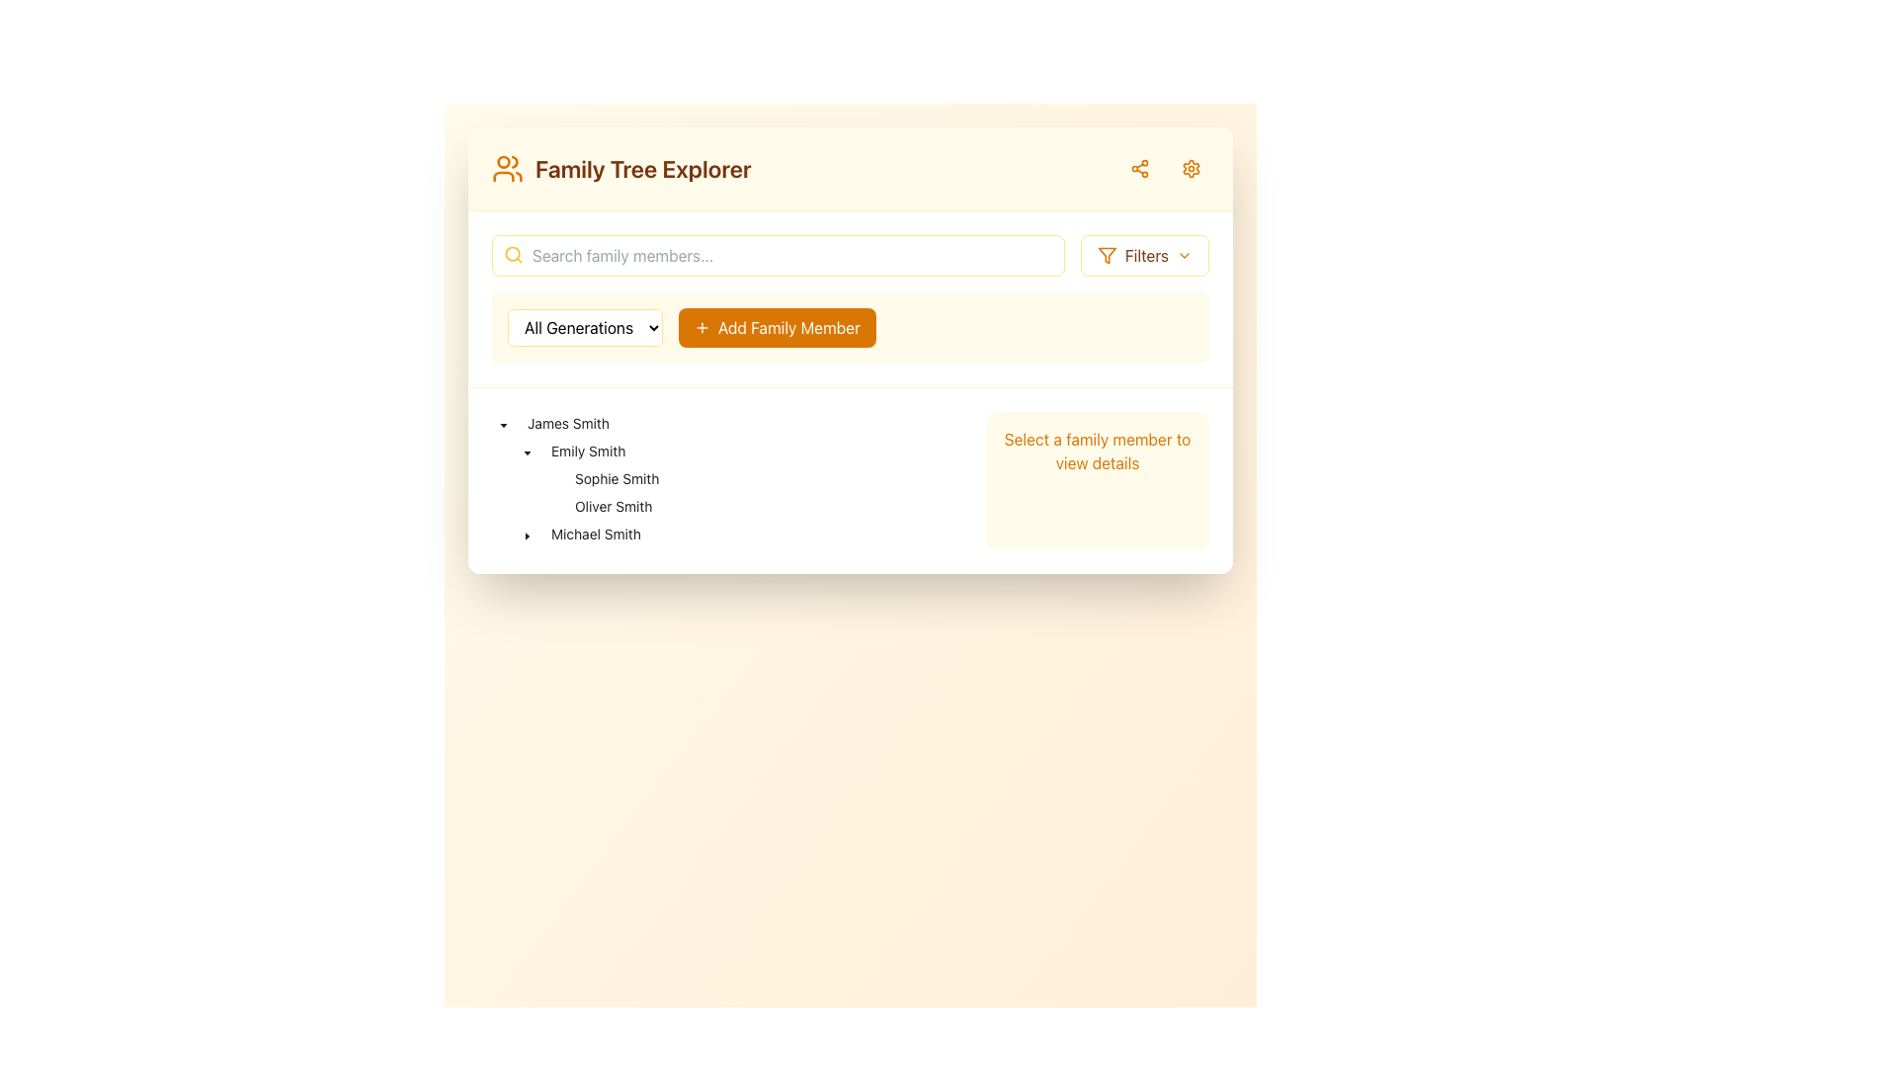 The height and width of the screenshot is (1067, 1897). Describe the element at coordinates (1107, 254) in the screenshot. I see `the filter icon located within the 'Filters' button in the top-right corner of the main section, positioned next to the label text` at that location.